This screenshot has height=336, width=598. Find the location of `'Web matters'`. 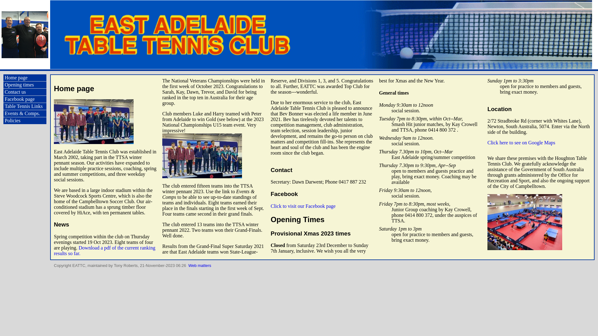

'Web matters' is located at coordinates (200, 265).